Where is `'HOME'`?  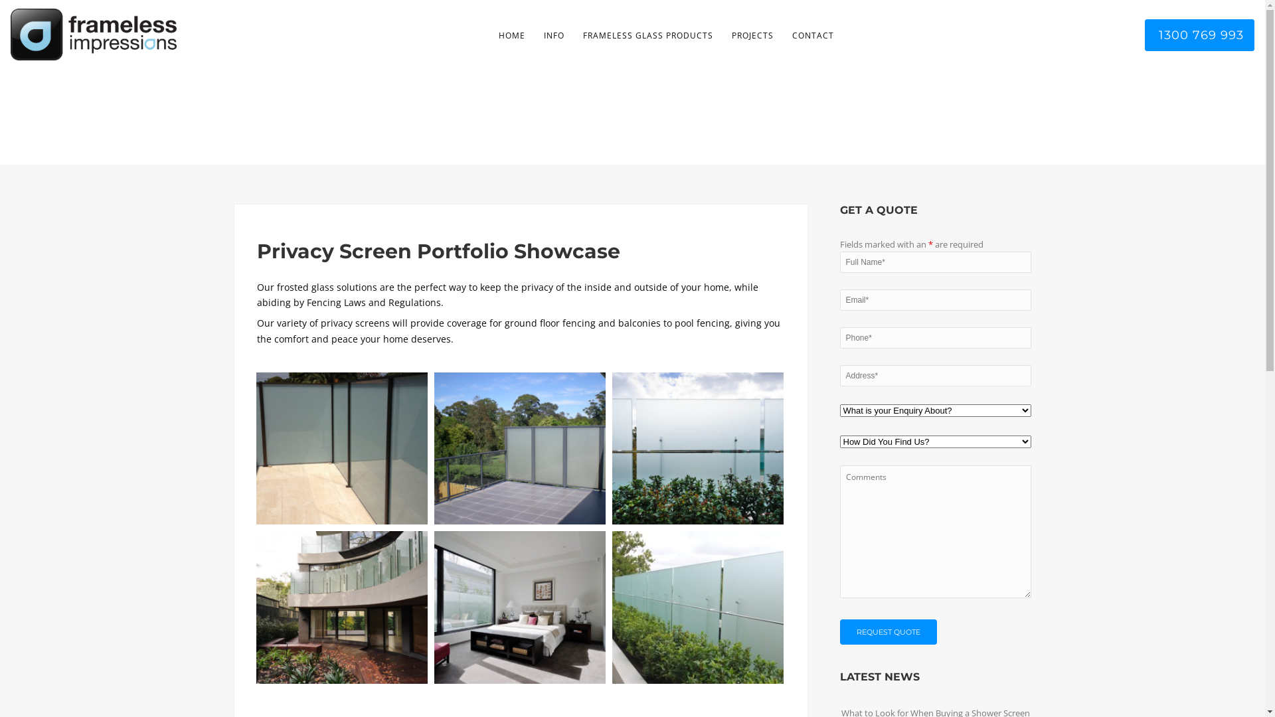 'HOME' is located at coordinates (510, 35).